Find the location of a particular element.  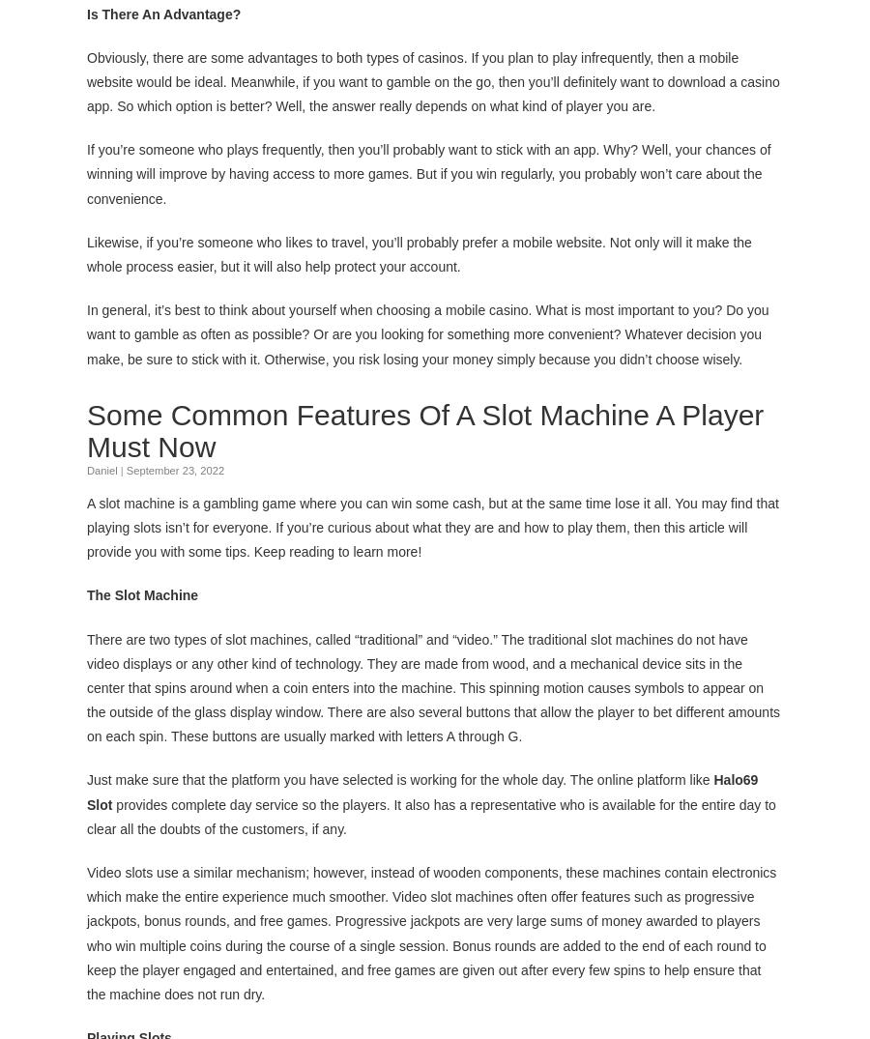

'Halo69 Slot' is located at coordinates (422, 791).